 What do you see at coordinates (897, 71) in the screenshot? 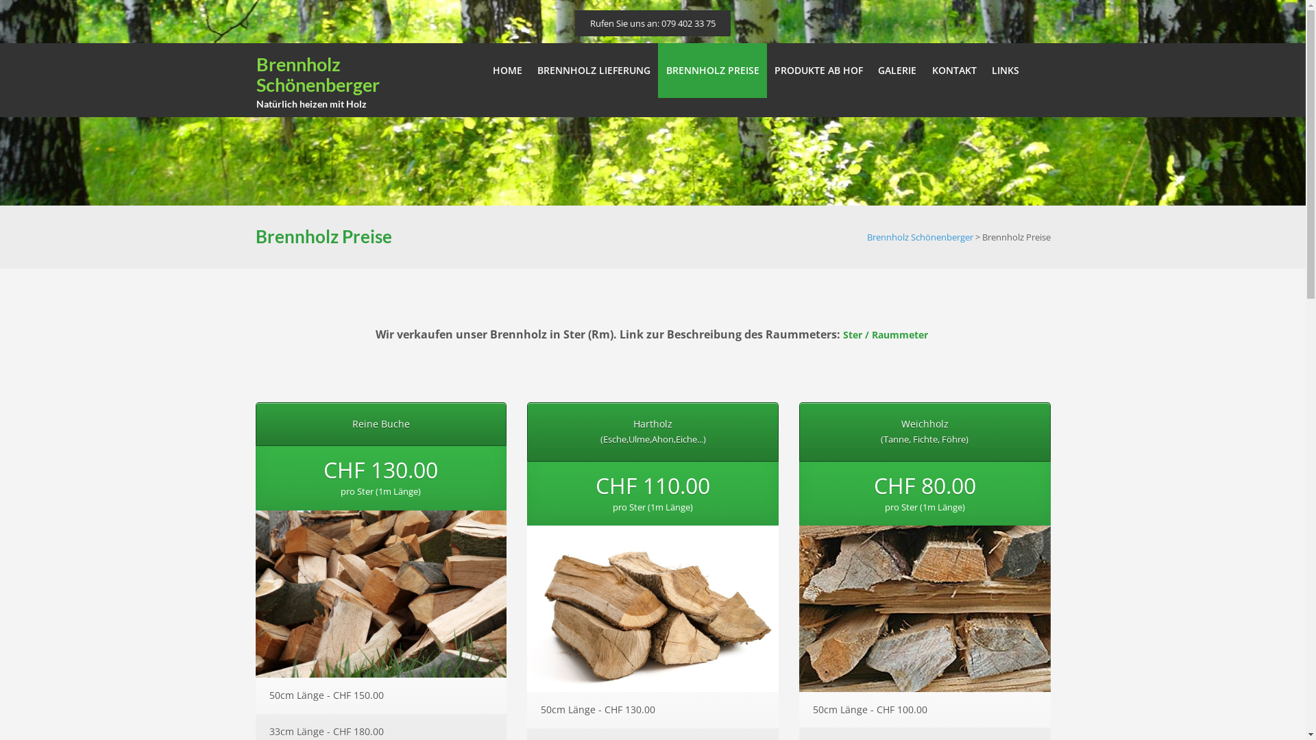
I see `'GALERIE'` at bounding box center [897, 71].